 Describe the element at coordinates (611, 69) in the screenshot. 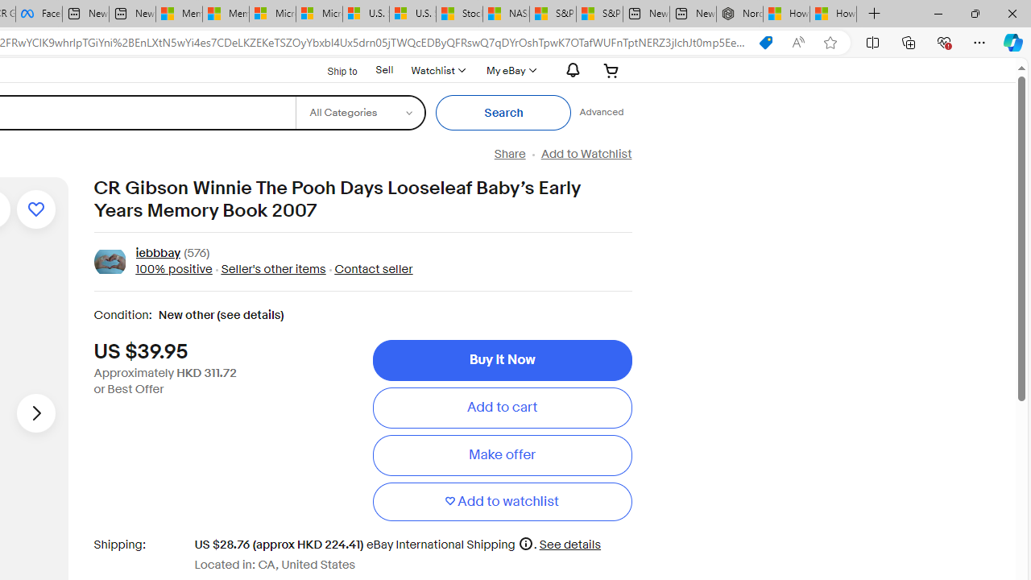

I see `'Your shopping cart'` at that location.